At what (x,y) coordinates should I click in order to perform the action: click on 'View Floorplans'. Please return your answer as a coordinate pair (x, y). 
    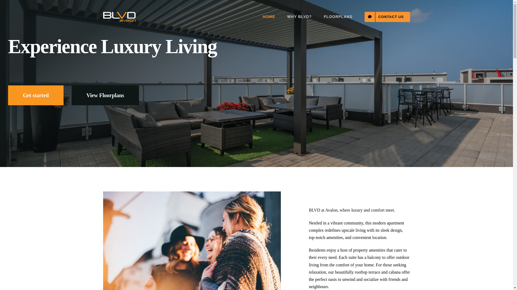
    Looking at the image, I should click on (71, 95).